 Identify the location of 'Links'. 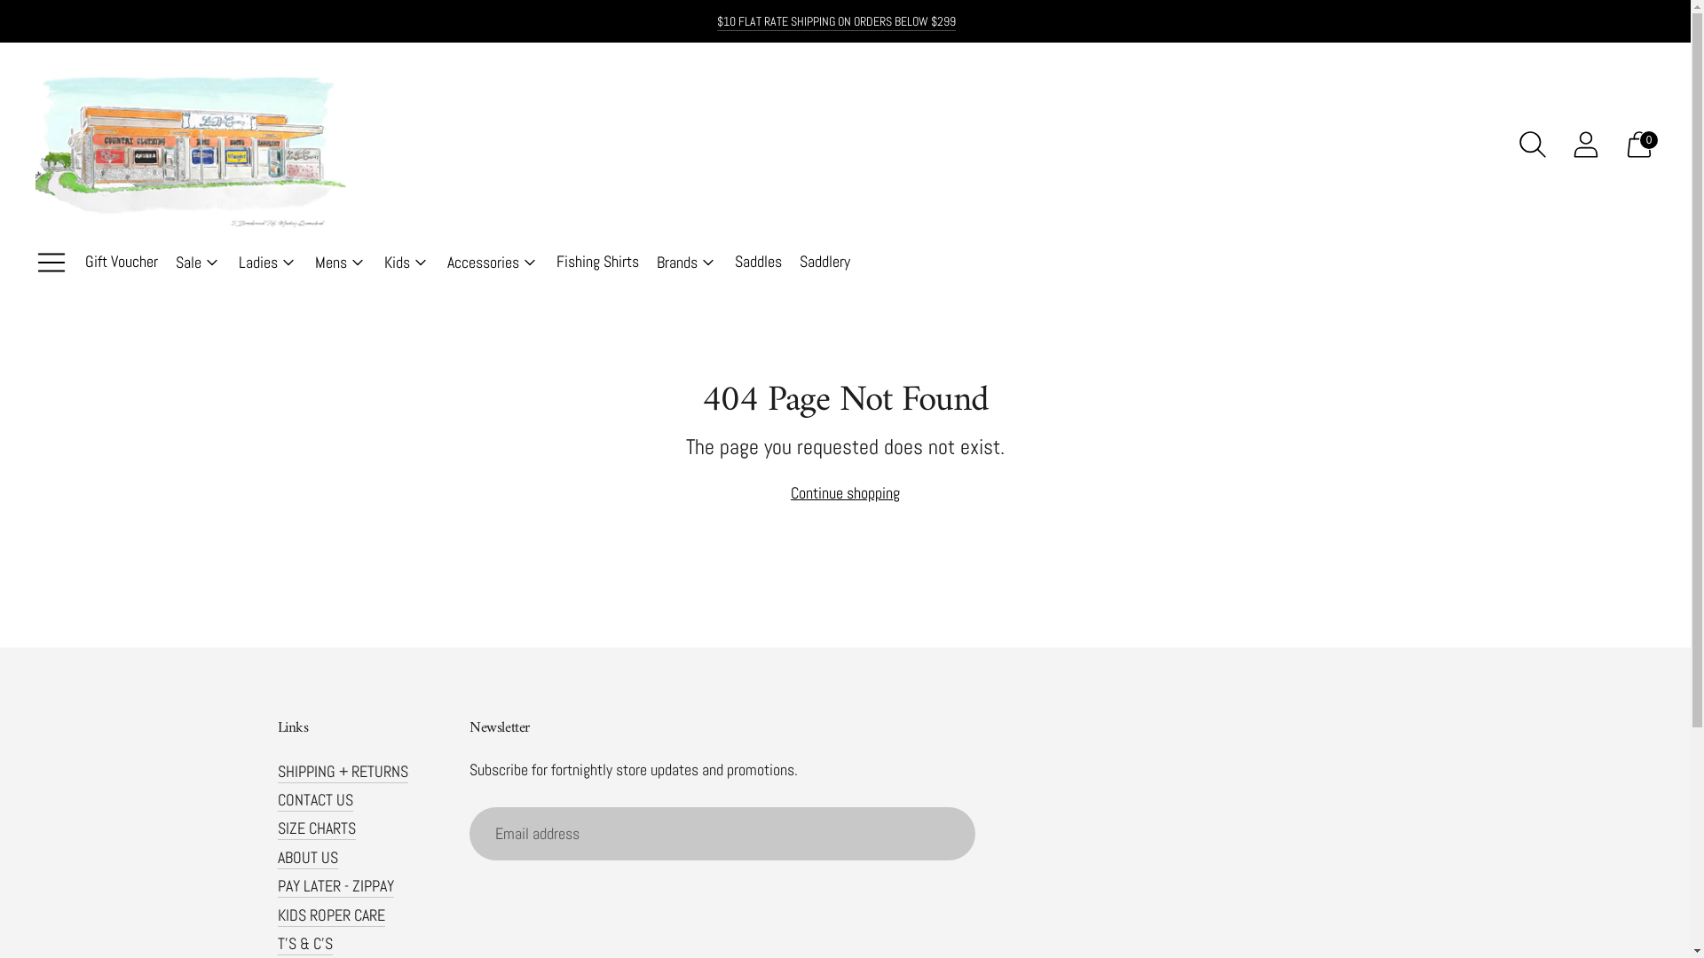
(276, 728).